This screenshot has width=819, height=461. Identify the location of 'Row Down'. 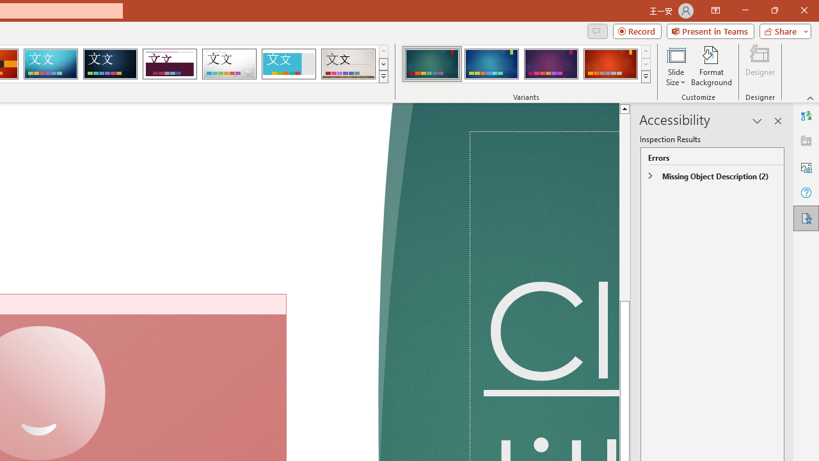
(646, 64).